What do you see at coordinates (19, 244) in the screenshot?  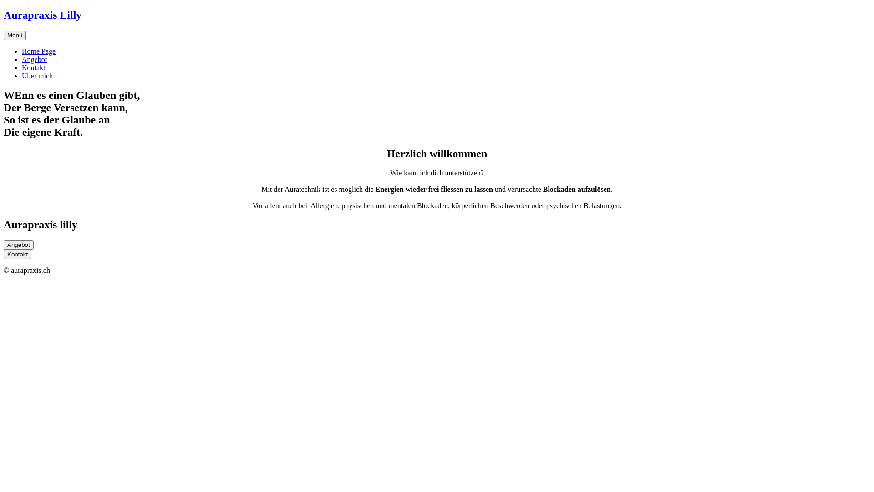 I see `'Angebot'` at bounding box center [19, 244].